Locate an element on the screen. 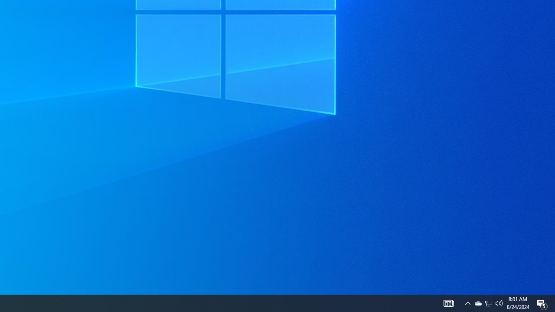  'Q2790: 100%' is located at coordinates (499, 302).